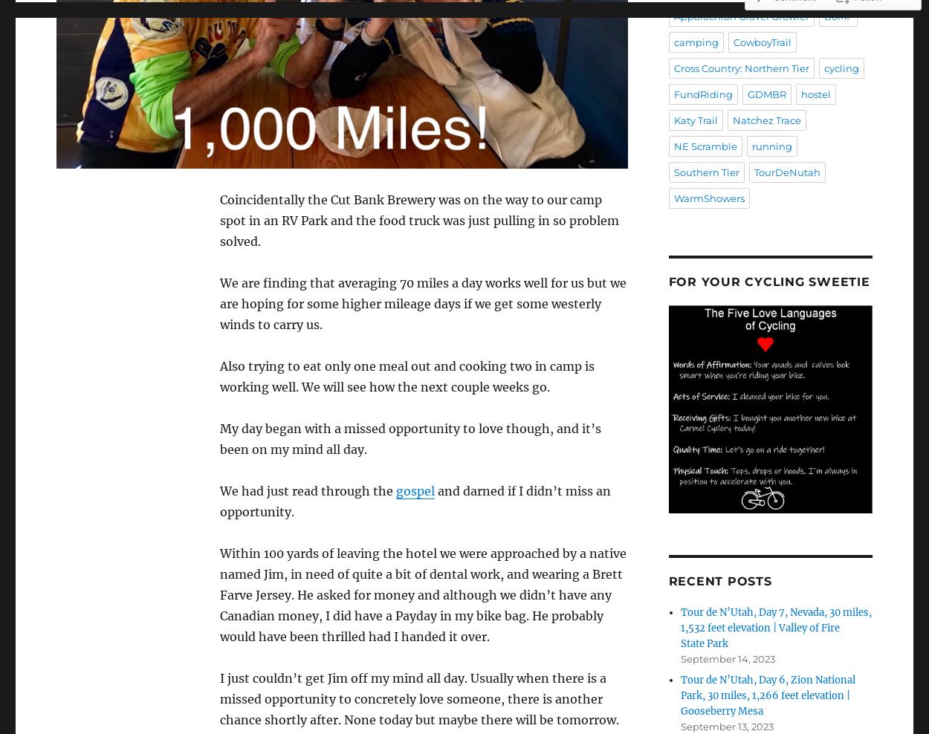 The height and width of the screenshot is (734, 929). Describe the element at coordinates (775, 627) in the screenshot. I see `'Tour de N’Utah, Day 7, Nevada, 30 miles, 1,532 feet elevation | Valley of Fire State Park'` at that location.